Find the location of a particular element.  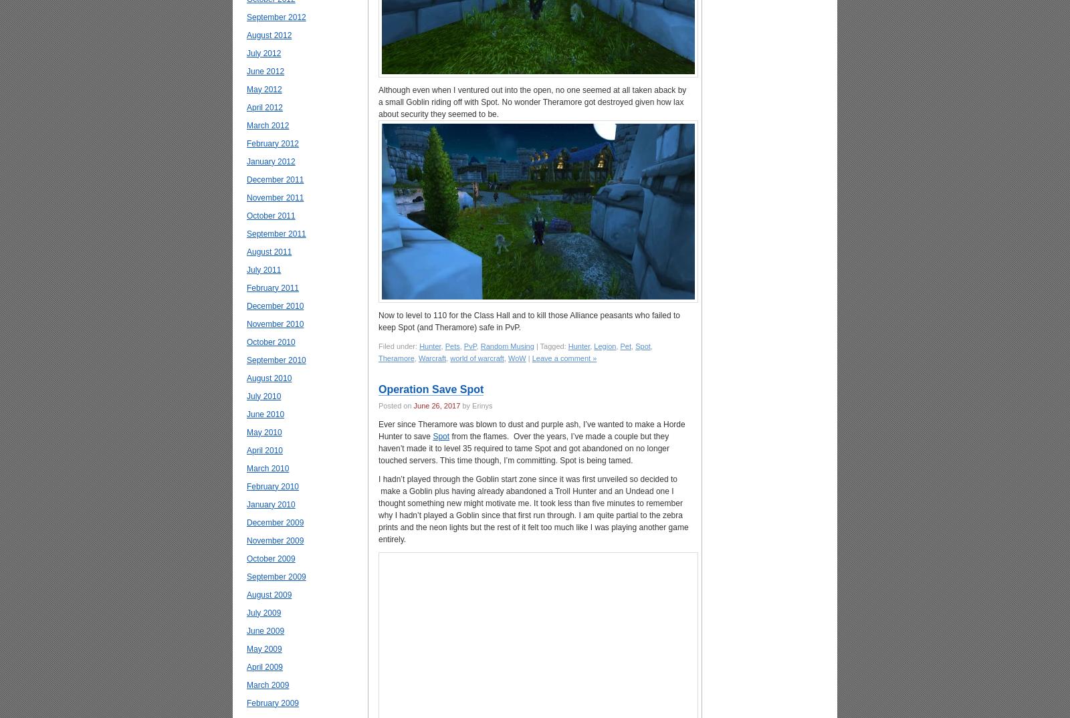

'June 2010' is located at coordinates (246, 414).